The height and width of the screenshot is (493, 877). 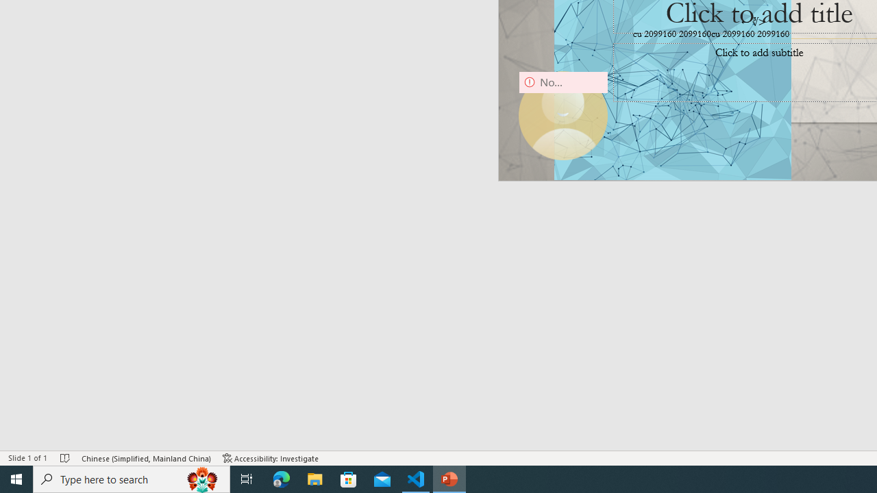 What do you see at coordinates (564, 115) in the screenshot?
I see `'Camera 9, No camera detected.'` at bounding box center [564, 115].